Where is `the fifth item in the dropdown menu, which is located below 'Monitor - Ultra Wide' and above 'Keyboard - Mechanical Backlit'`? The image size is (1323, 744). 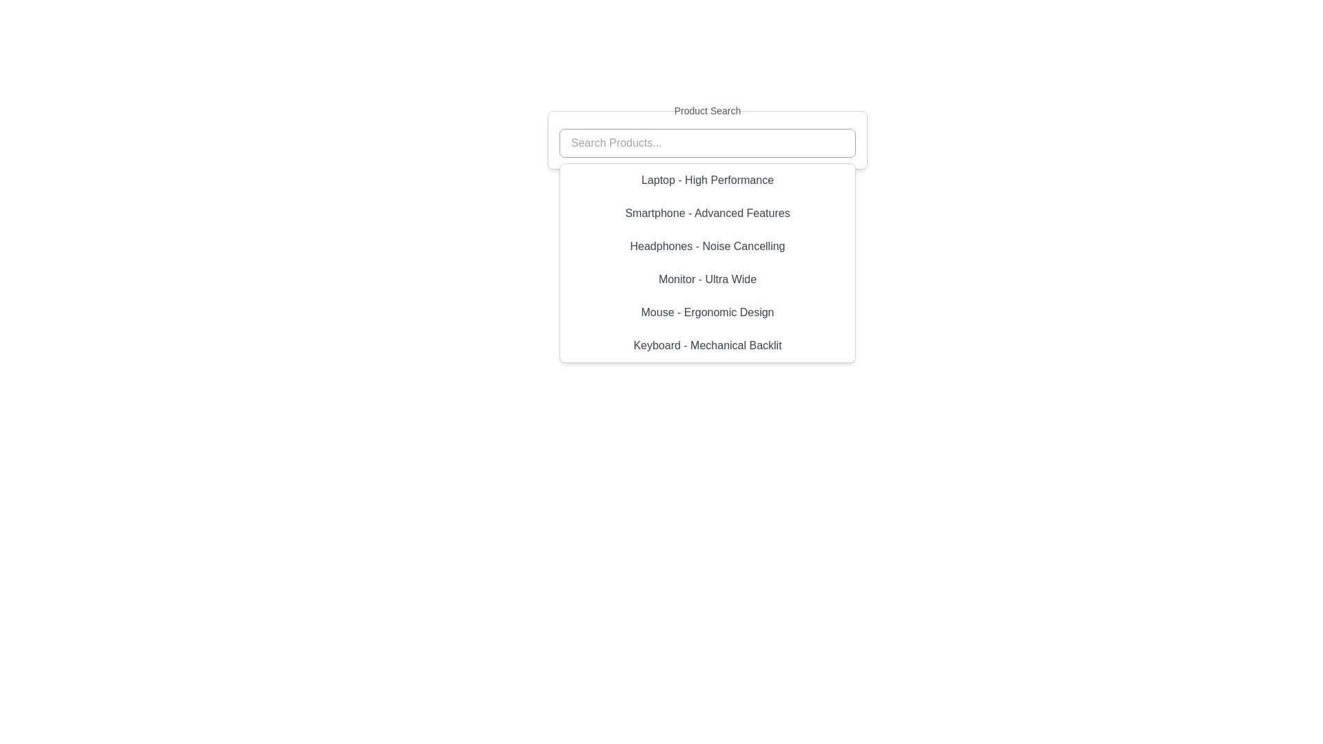
the fifth item in the dropdown menu, which is located below 'Monitor - Ultra Wide' and above 'Keyboard - Mechanical Backlit' is located at coordinates (708, 313).